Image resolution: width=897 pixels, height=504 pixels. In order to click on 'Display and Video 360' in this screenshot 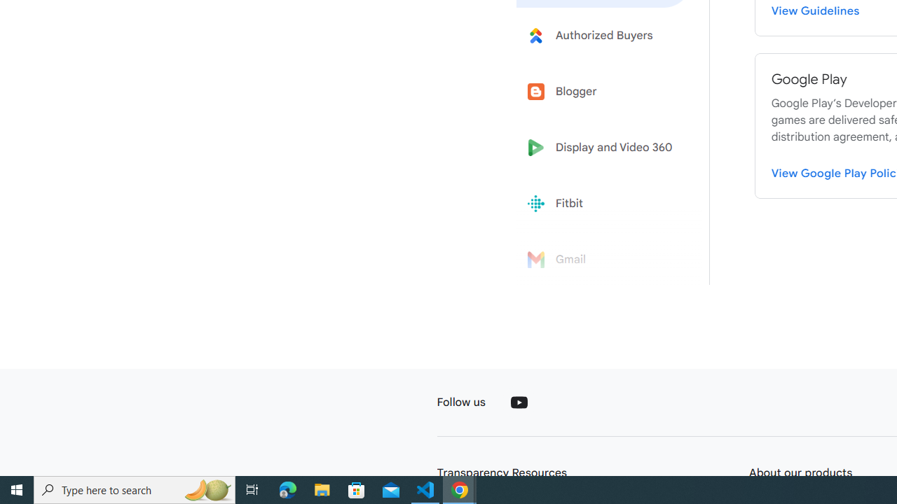, I will do `click(604, 148)`.